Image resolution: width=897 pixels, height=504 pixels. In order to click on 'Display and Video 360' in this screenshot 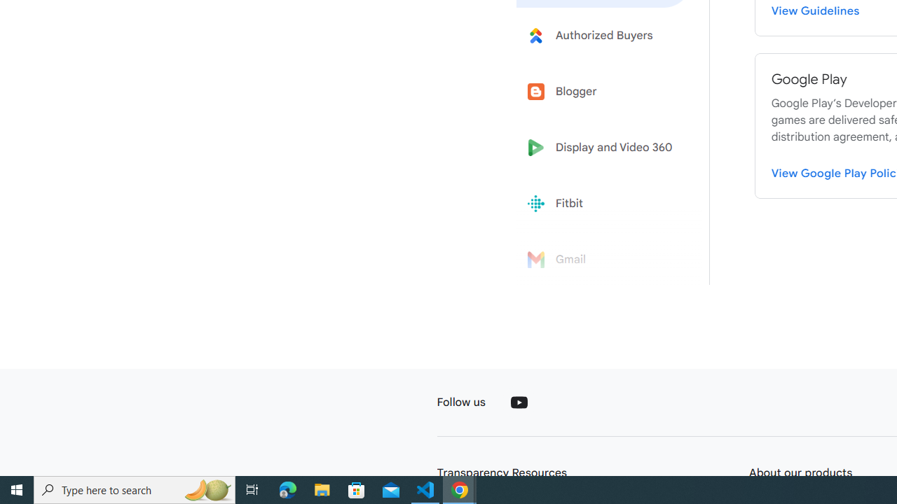, I will do `click(604, 148)`.